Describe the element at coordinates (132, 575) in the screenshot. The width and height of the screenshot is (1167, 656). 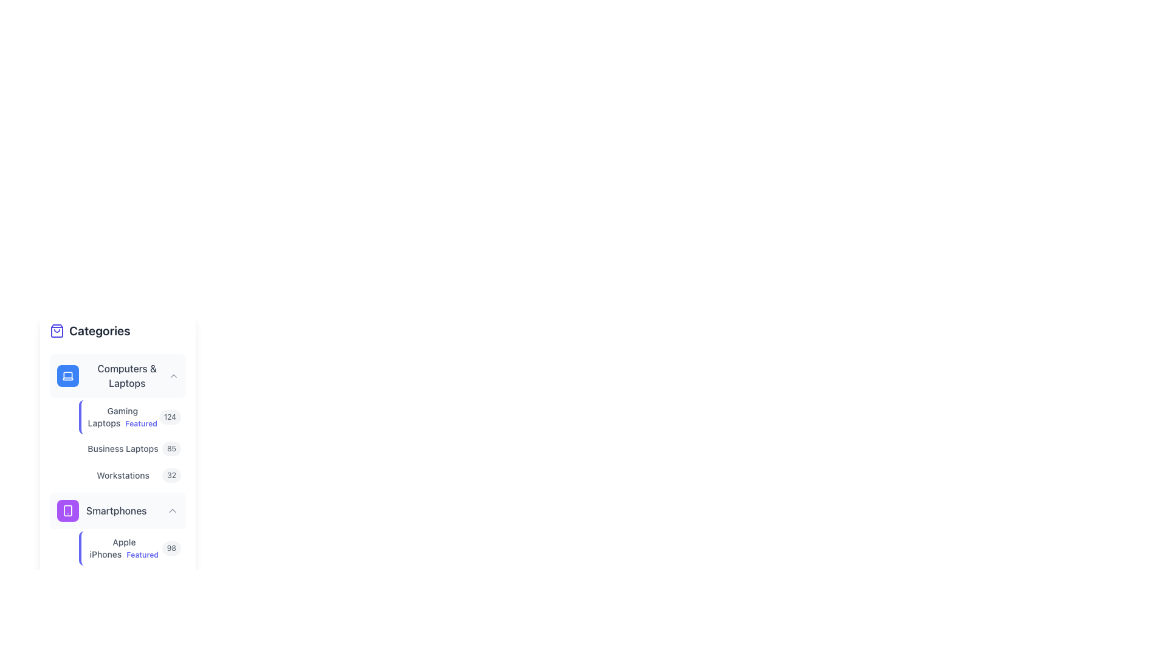
I see `the first clickable list item for 'Apple iPhones' under the 'Smartphones' section` at that location.